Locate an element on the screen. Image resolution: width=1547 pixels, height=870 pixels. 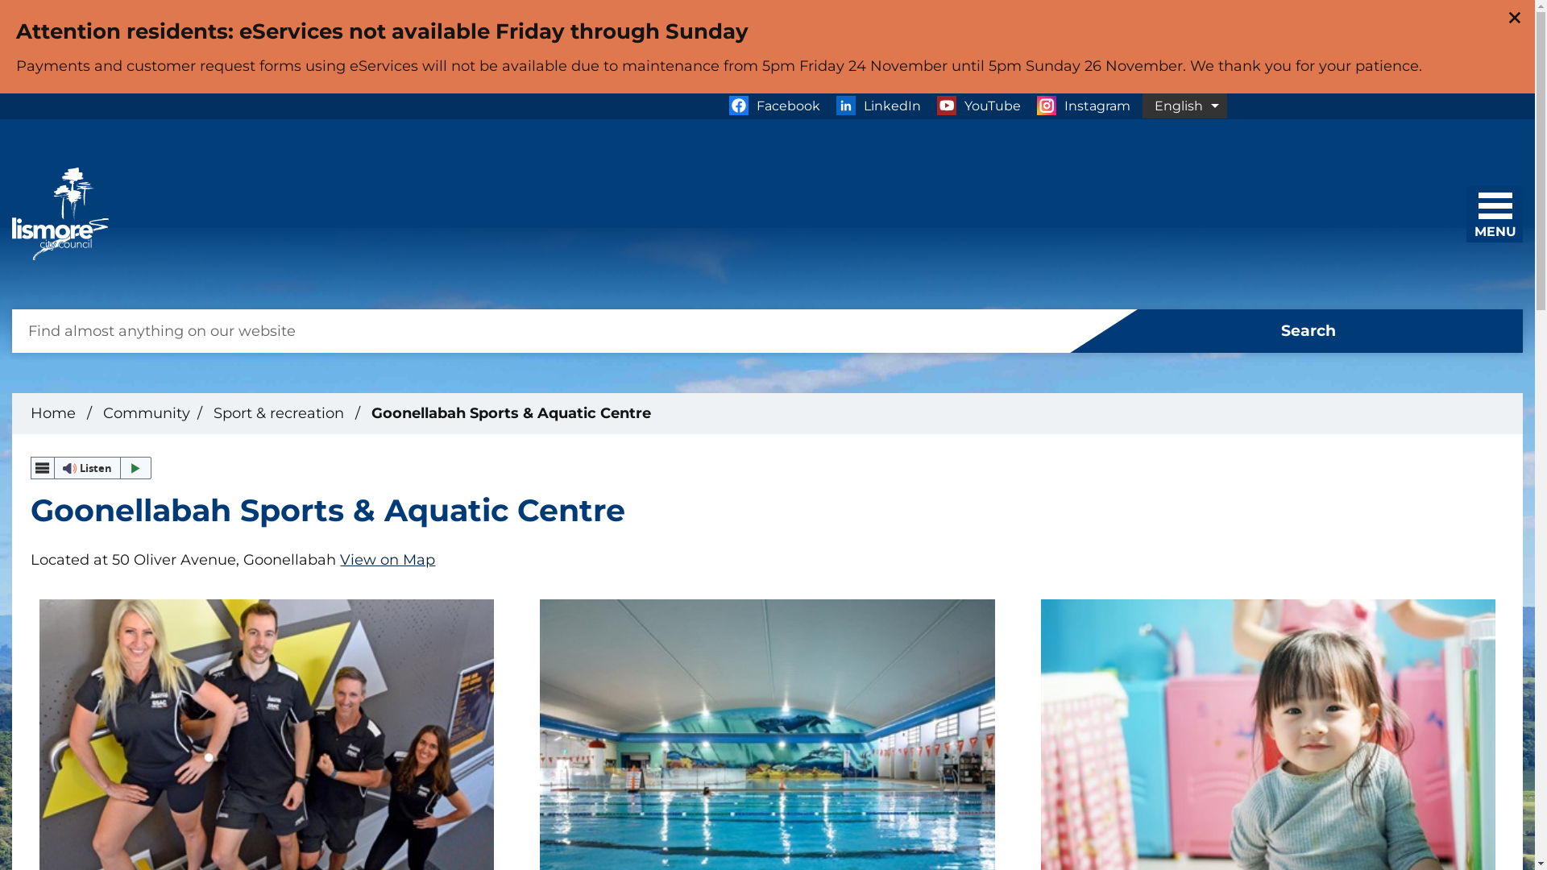
'Community' is located at coordinates (147, 412).